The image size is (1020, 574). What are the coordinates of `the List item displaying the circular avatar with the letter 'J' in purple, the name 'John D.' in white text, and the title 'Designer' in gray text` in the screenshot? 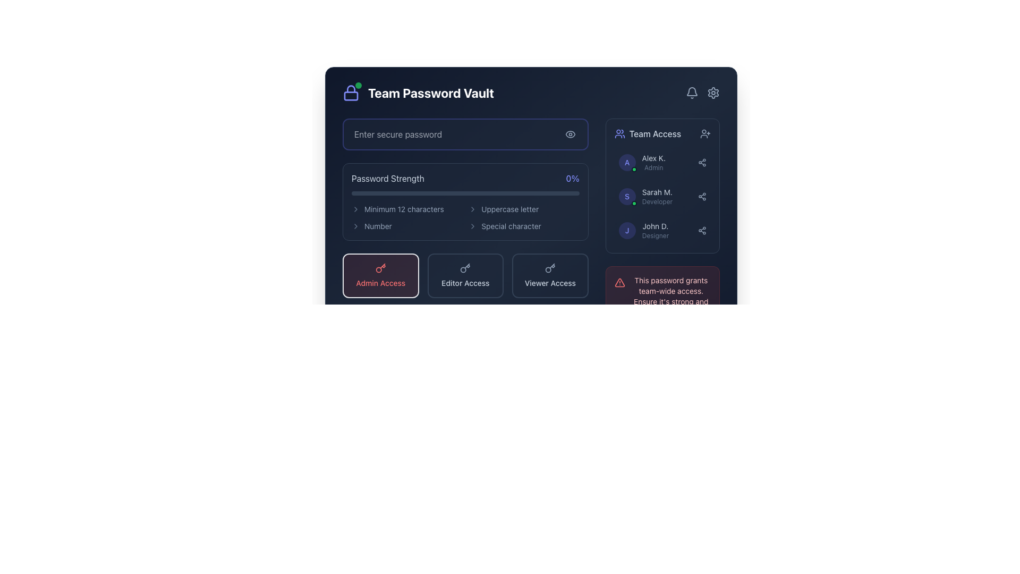 It's located at (643, 230).